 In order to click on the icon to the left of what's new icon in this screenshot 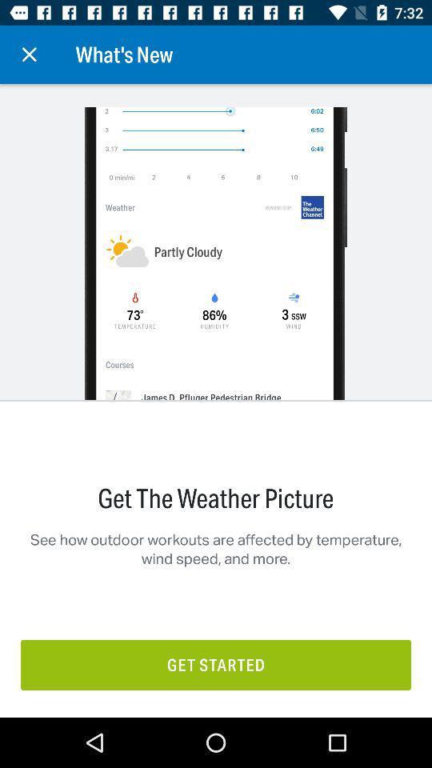, I will do `click(29, 54)`.